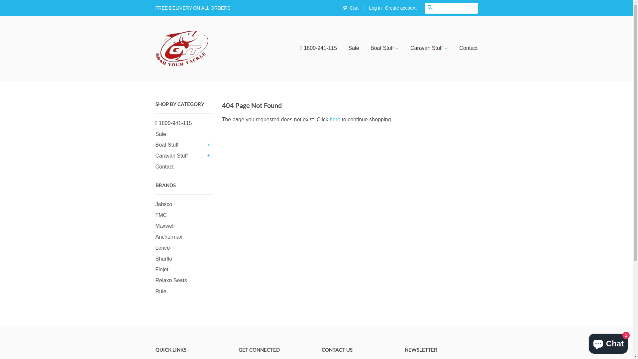  Describe the element at coordinates (162, 248) in the screenshot. I see `'Lenco'` at that location.